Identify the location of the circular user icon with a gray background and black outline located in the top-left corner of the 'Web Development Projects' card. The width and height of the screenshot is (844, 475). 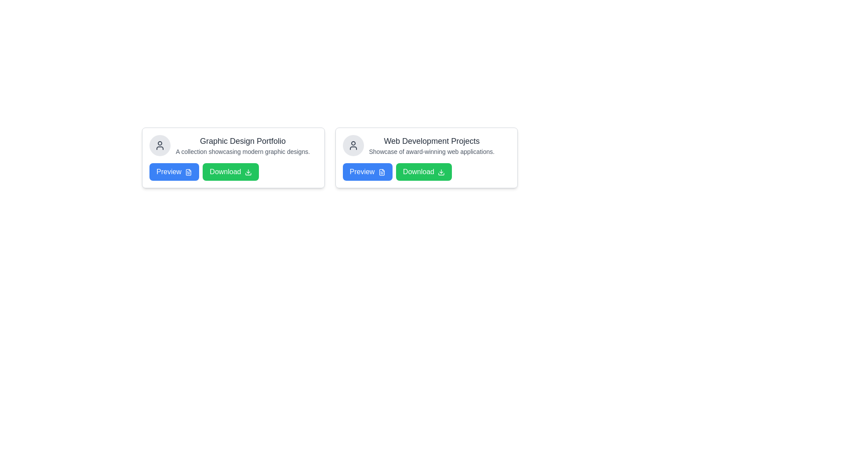
(353, 145).